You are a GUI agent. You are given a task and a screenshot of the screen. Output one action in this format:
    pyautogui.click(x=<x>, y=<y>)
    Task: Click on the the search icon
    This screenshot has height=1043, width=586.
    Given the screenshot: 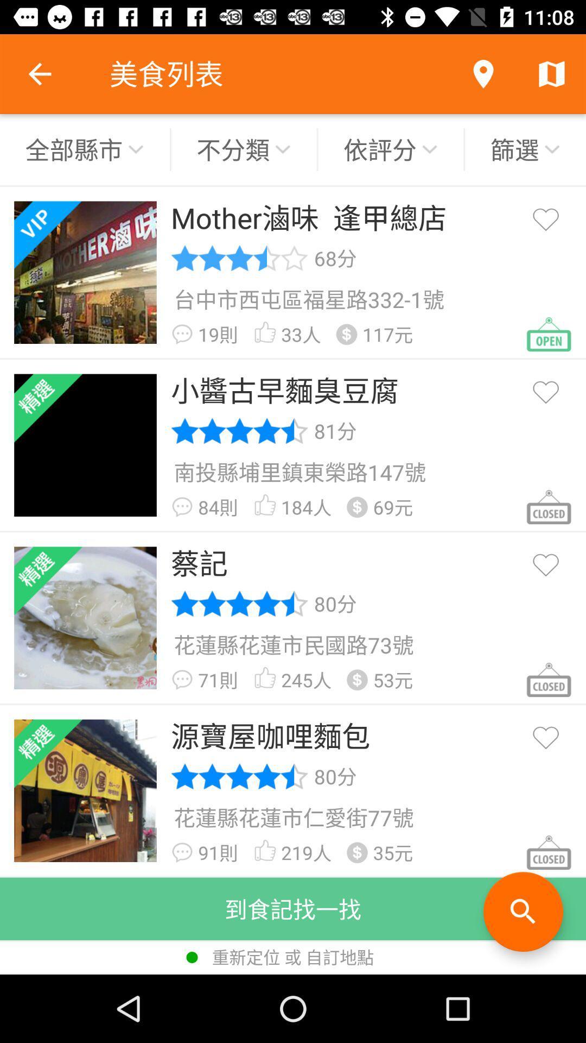 What is the action you would take?
    pyautogui.click(x=523, y=912)
    